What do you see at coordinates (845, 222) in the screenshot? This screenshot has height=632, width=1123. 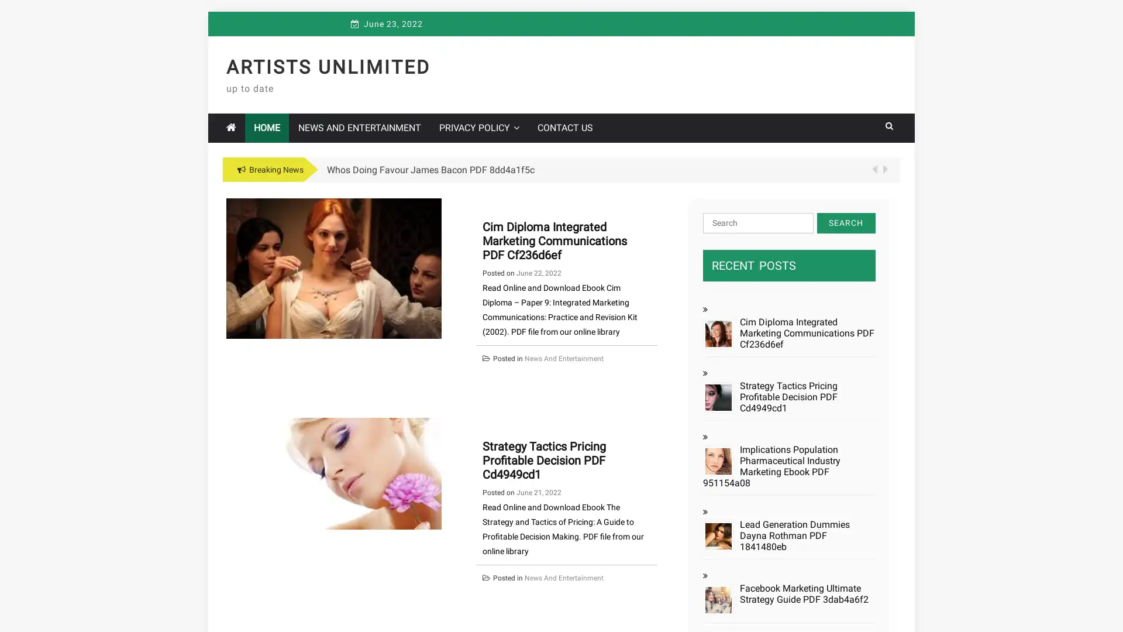 I see `Search` at bounding box center [845, 222].